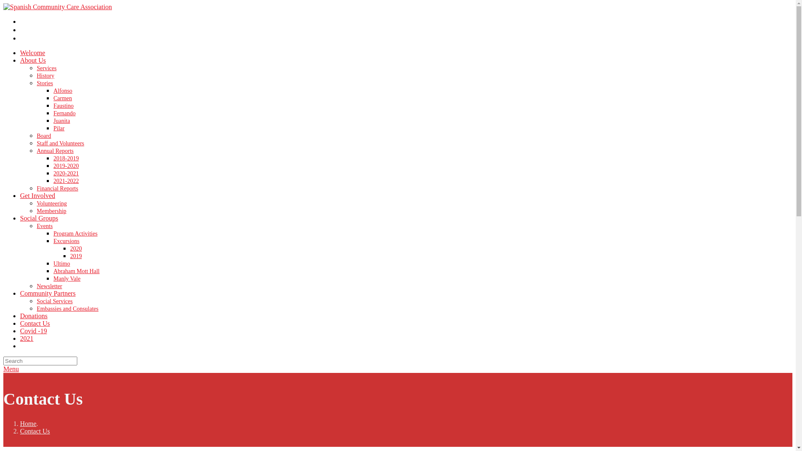 This screenshot has width=802, height=451. Describe the element at coordinates (36, 76) in the screenshot. I see `'History'` at that location.